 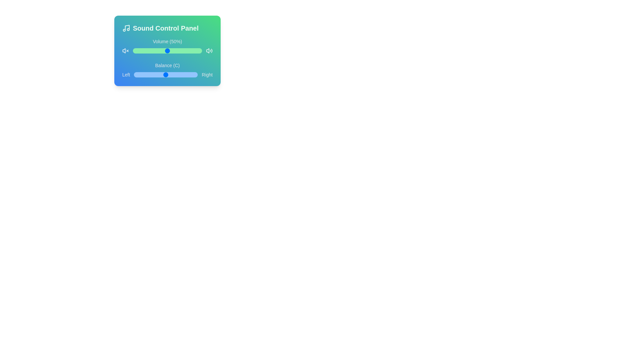 What do you see at coordinates (144, 74) in the screenshot?
I see `balance` at bounding box center [144, 74].